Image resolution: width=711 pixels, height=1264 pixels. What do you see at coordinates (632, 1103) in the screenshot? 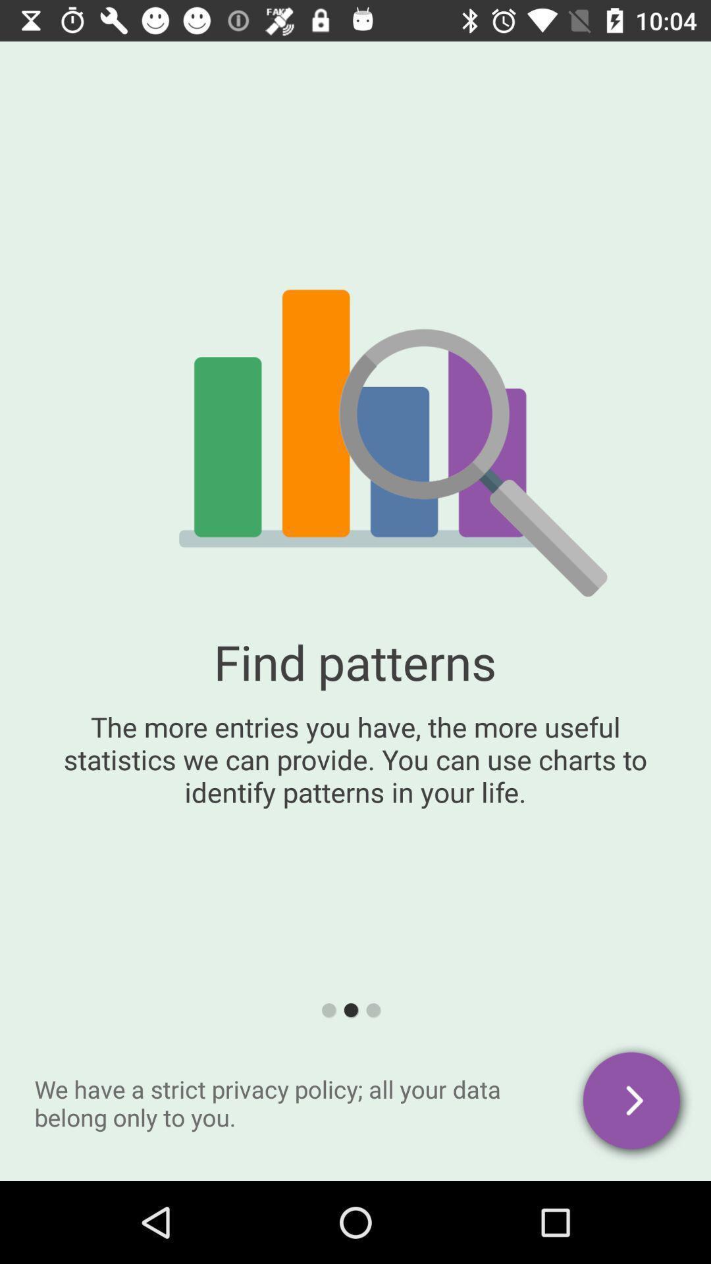
I see `read privacy policy` at bounding box center [632, 1103].